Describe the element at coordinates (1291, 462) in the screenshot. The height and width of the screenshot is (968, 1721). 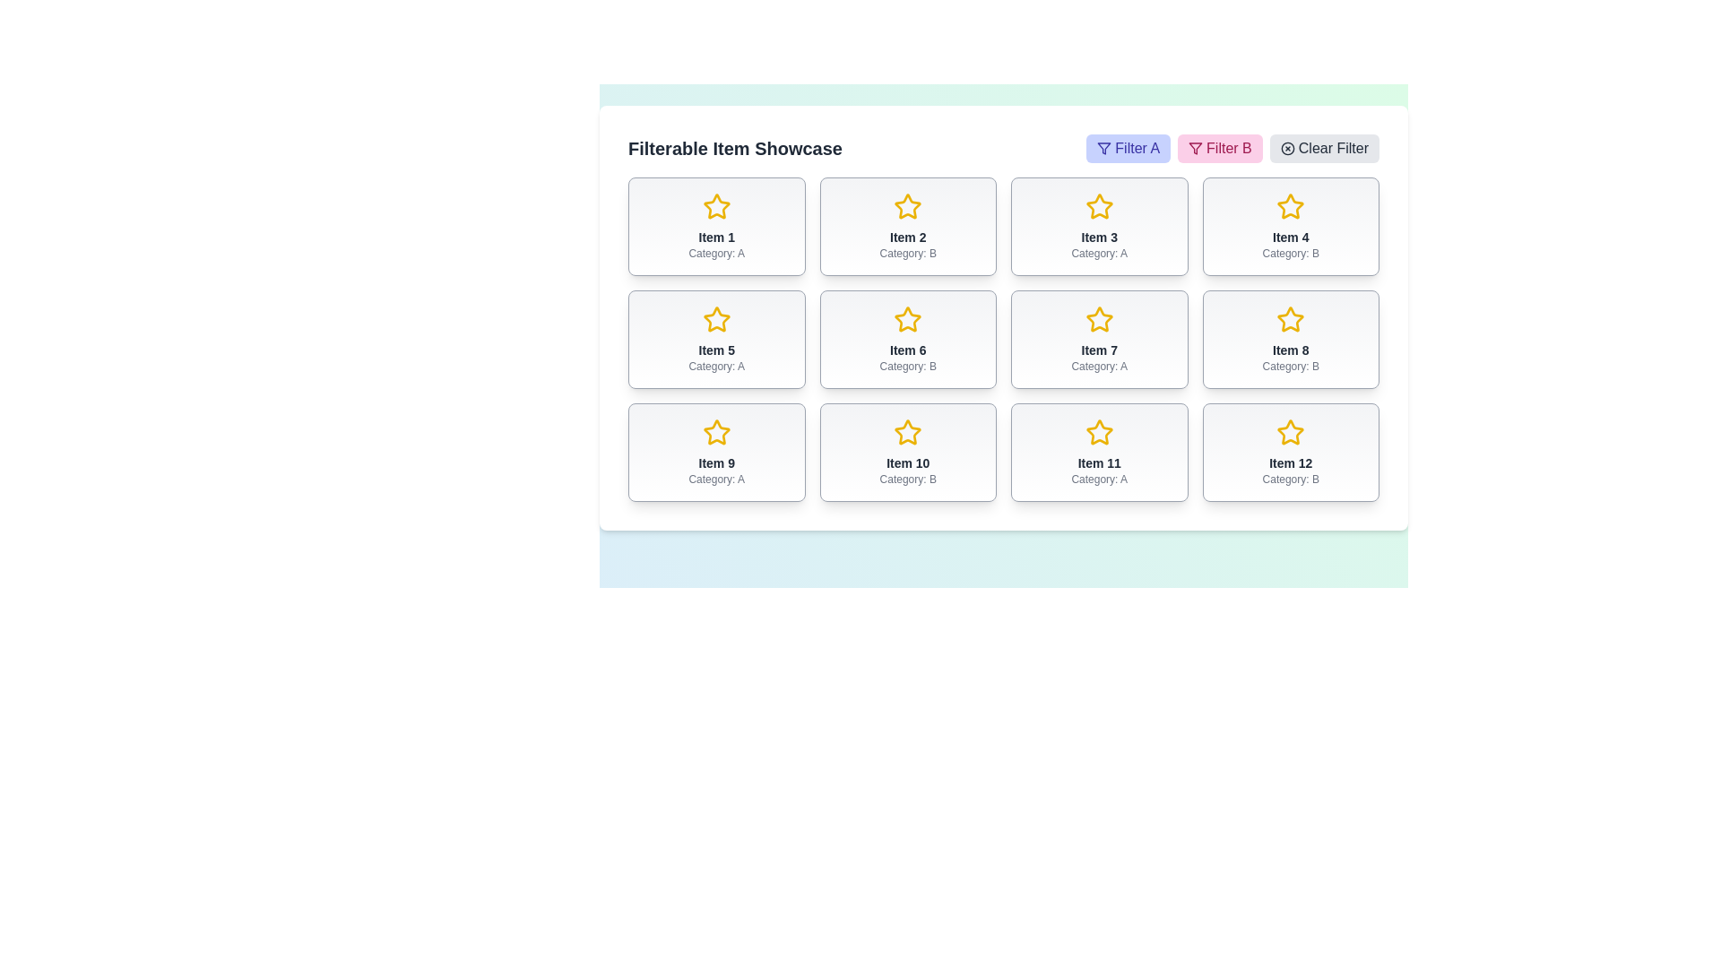
I see `the text label that identifies the associated item, positioned in the third row, fourth column of the grid layout, below a star icon and above the label 'Category: B'` at that location.